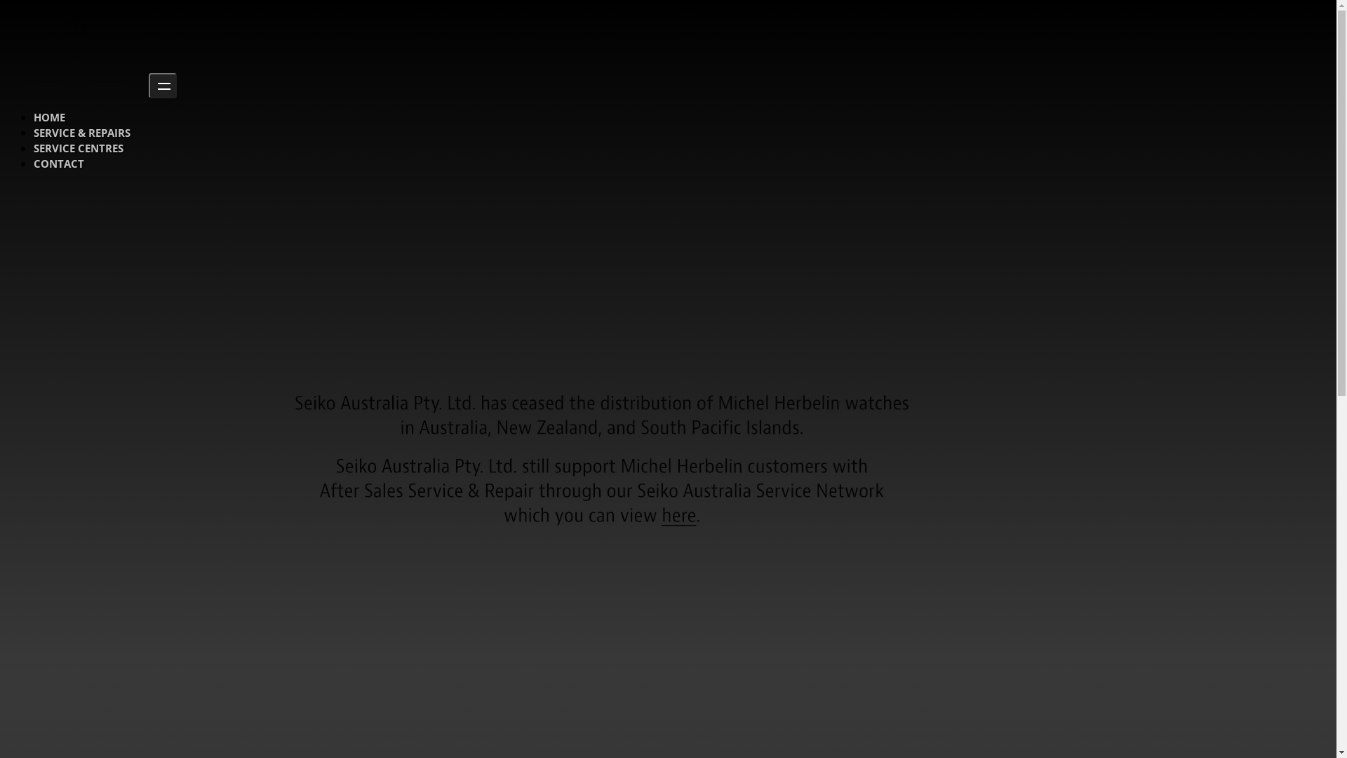  Describe the element at coordinates (49, 116) in the screenshot. I see `'HOME'` at that location.